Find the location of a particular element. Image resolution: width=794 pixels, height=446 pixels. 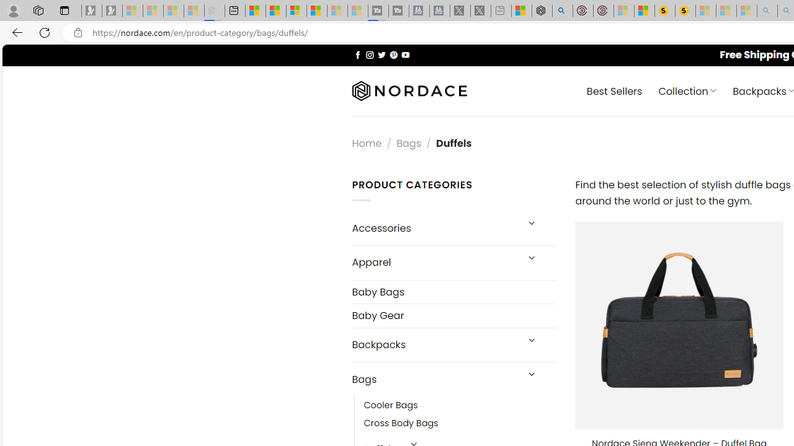

' Best Sellers' is located at coordinates (614, 90).